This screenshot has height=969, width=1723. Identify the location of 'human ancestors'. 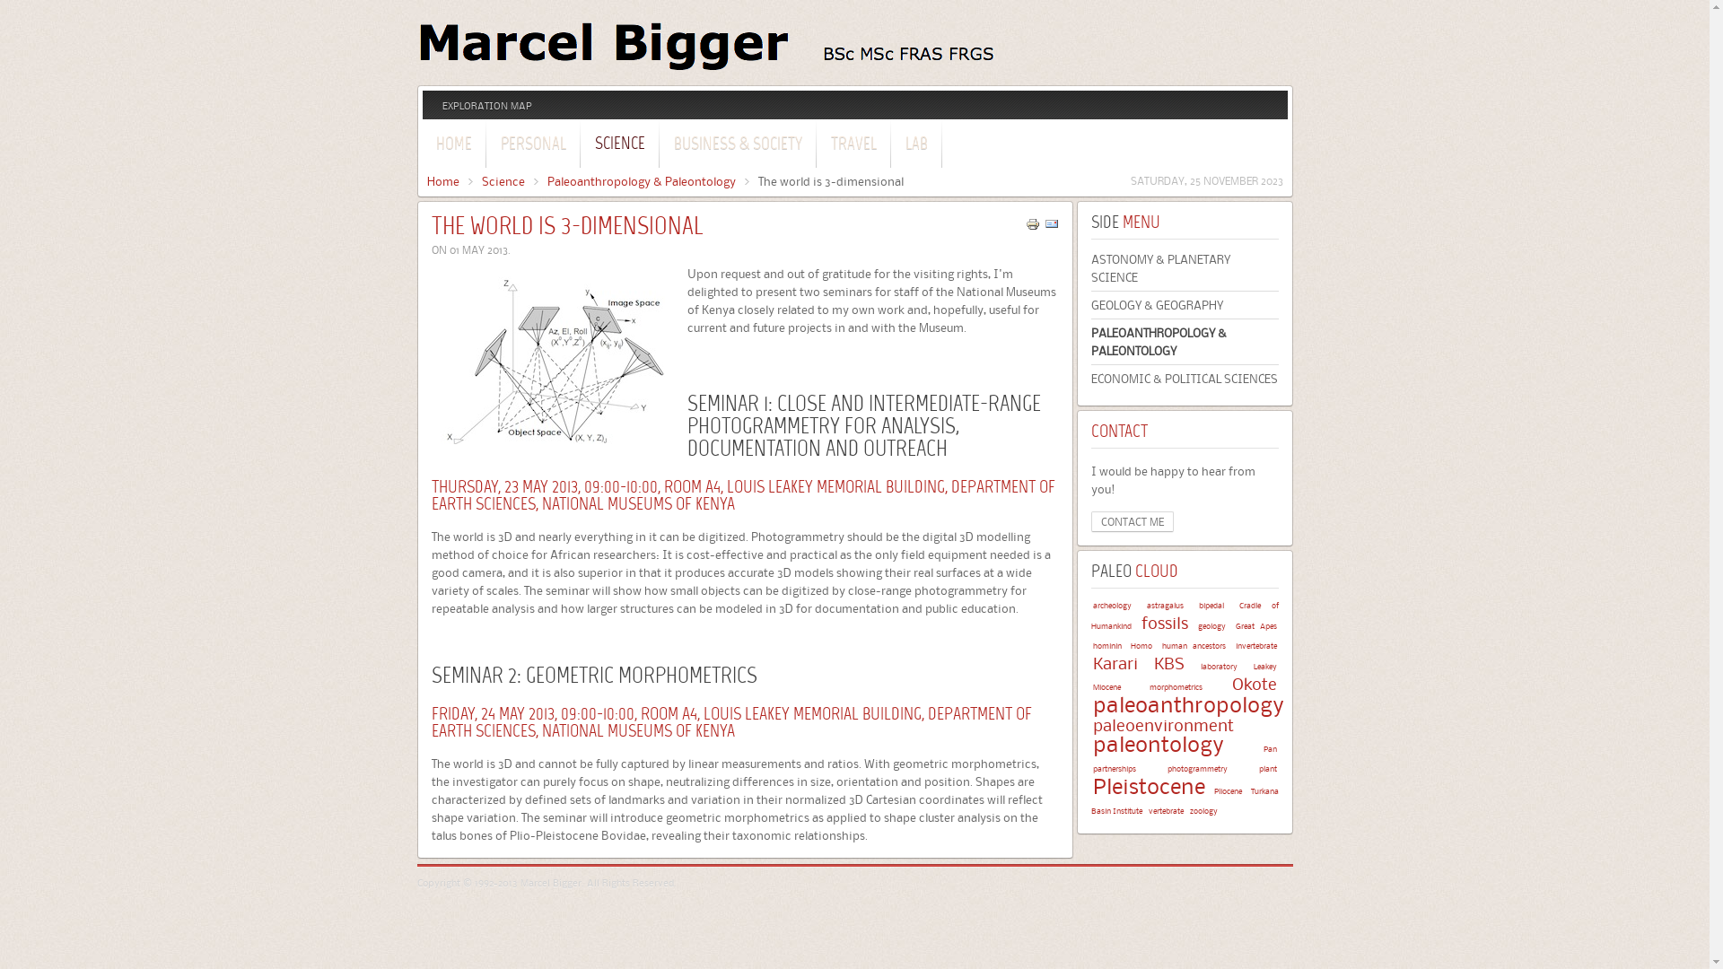
(1194, 644).